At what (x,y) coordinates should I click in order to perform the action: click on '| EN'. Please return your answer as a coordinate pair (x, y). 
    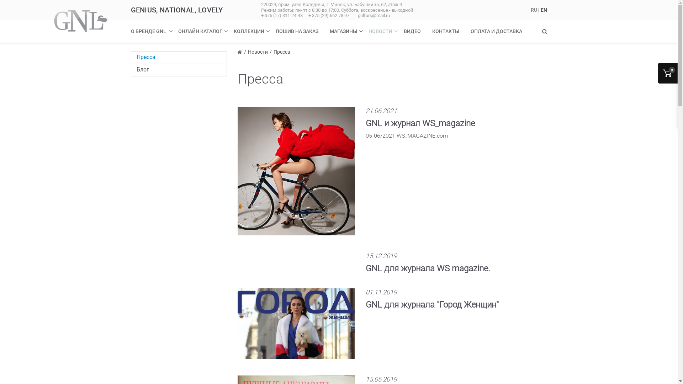
    Looking at the image, I should click on (542, 10).